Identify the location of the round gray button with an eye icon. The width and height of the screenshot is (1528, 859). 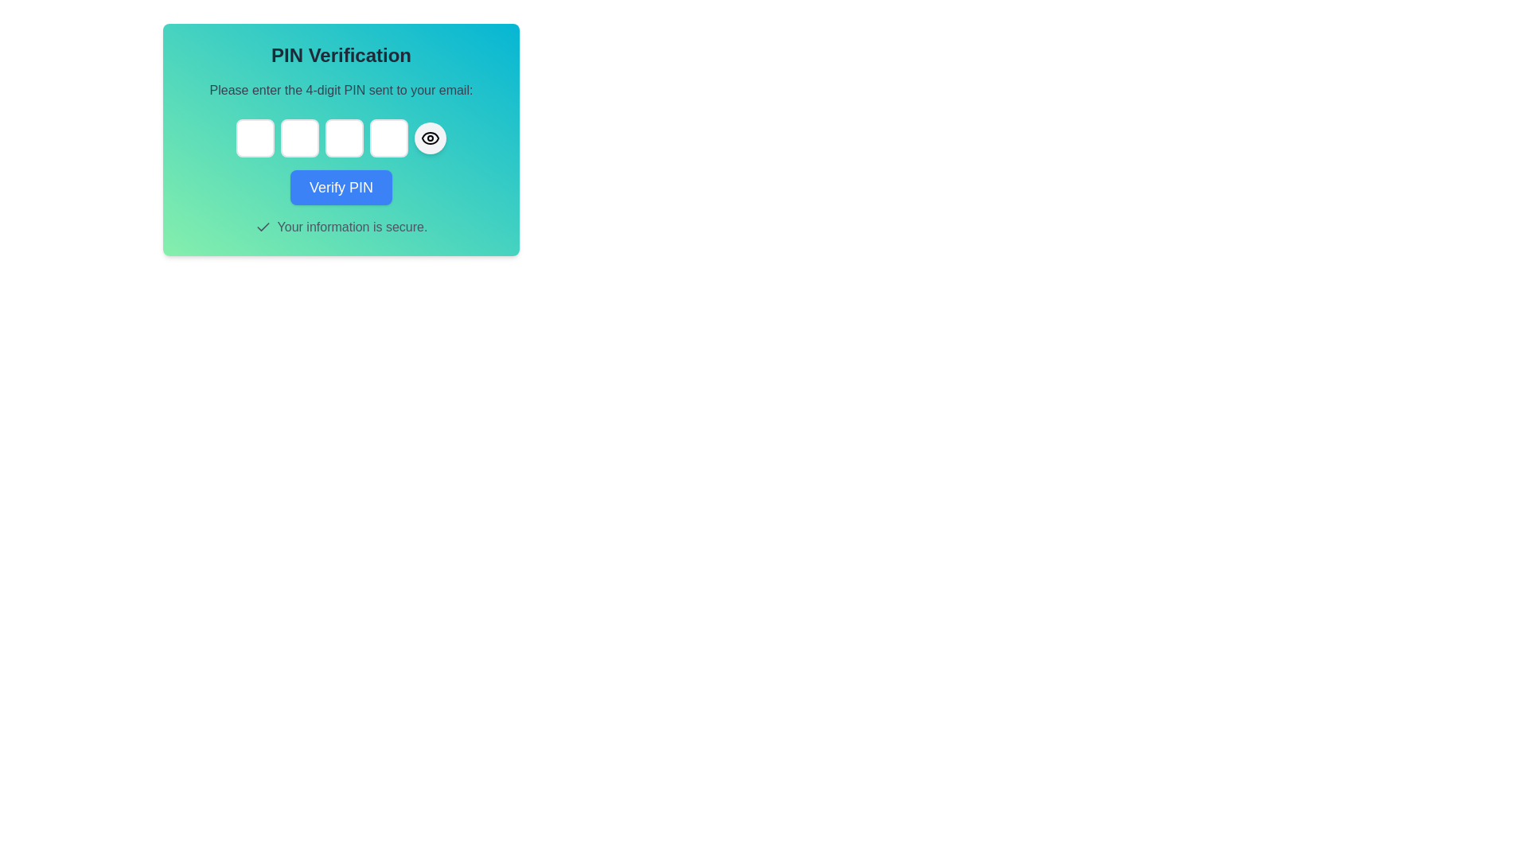
(431, 137).